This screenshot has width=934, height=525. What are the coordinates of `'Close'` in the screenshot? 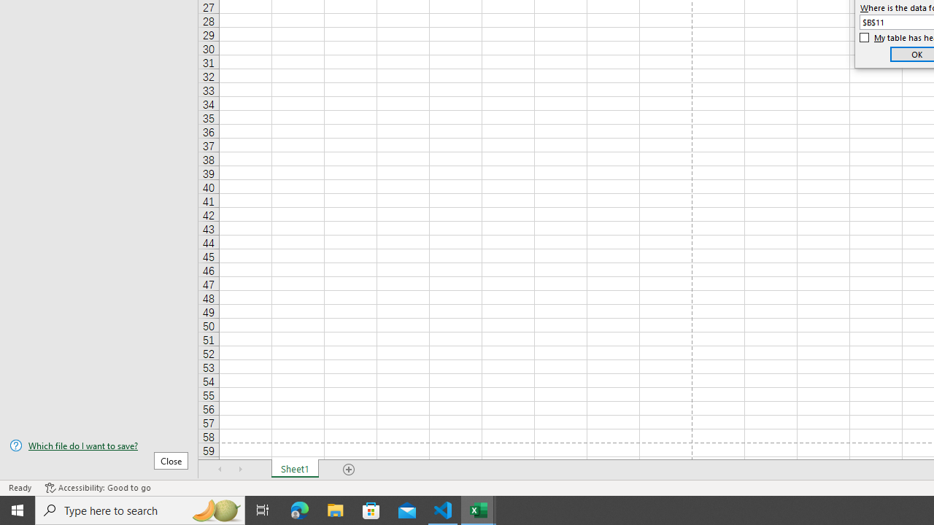 It's located at (171, 460).